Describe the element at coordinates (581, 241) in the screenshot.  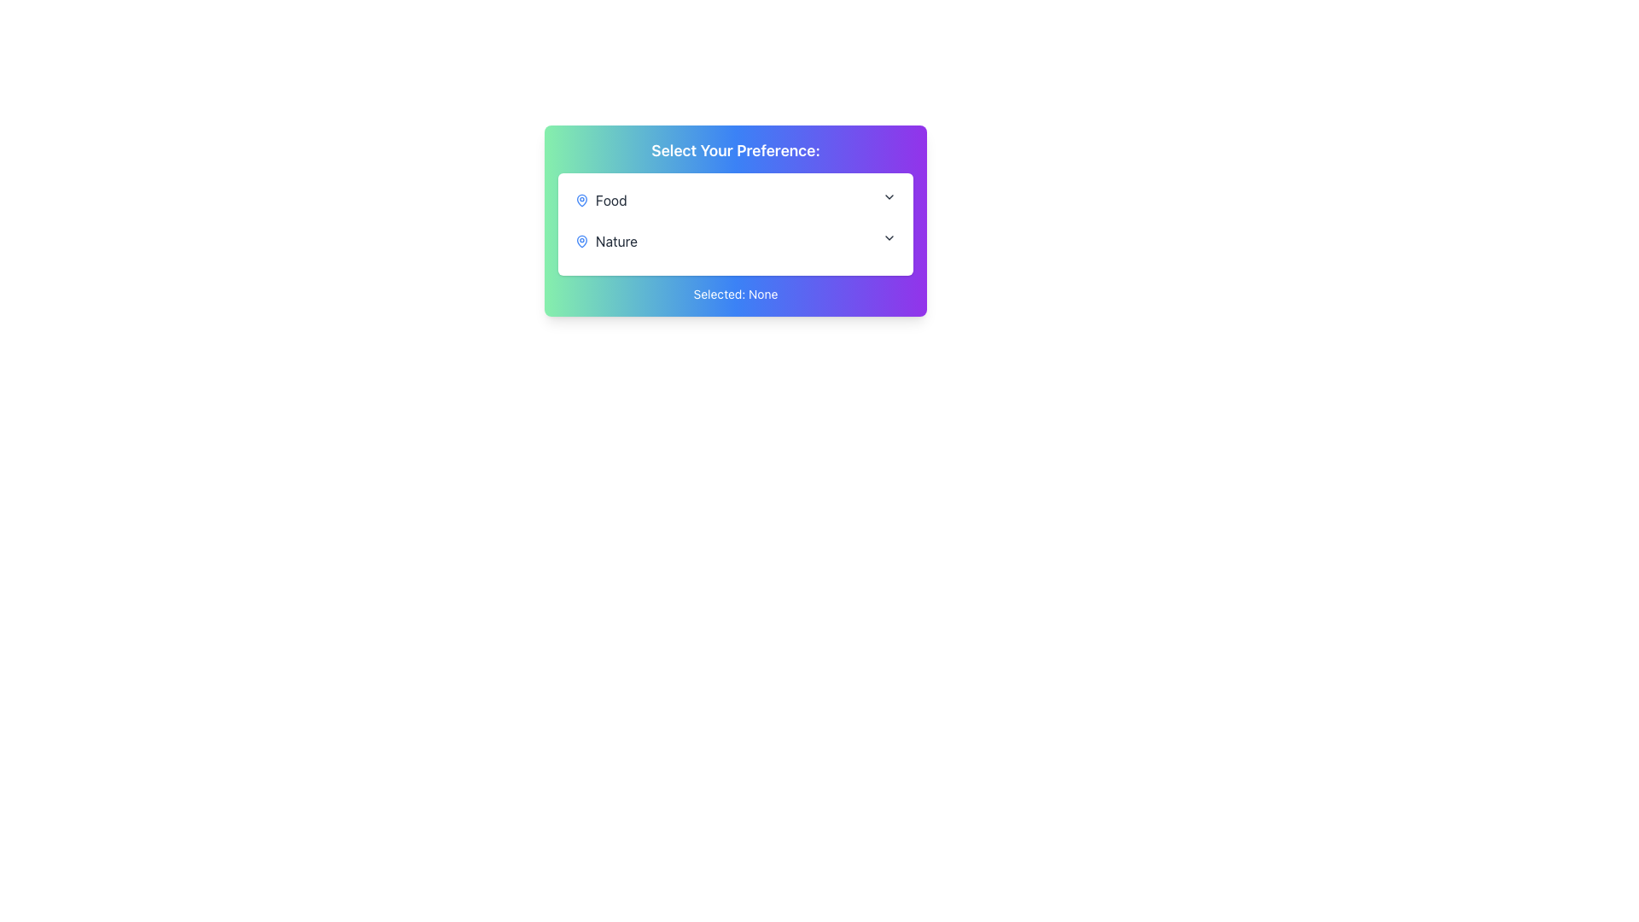
I see `the map marker icon with a blue outline located next to the text 'Nature'` at that location.